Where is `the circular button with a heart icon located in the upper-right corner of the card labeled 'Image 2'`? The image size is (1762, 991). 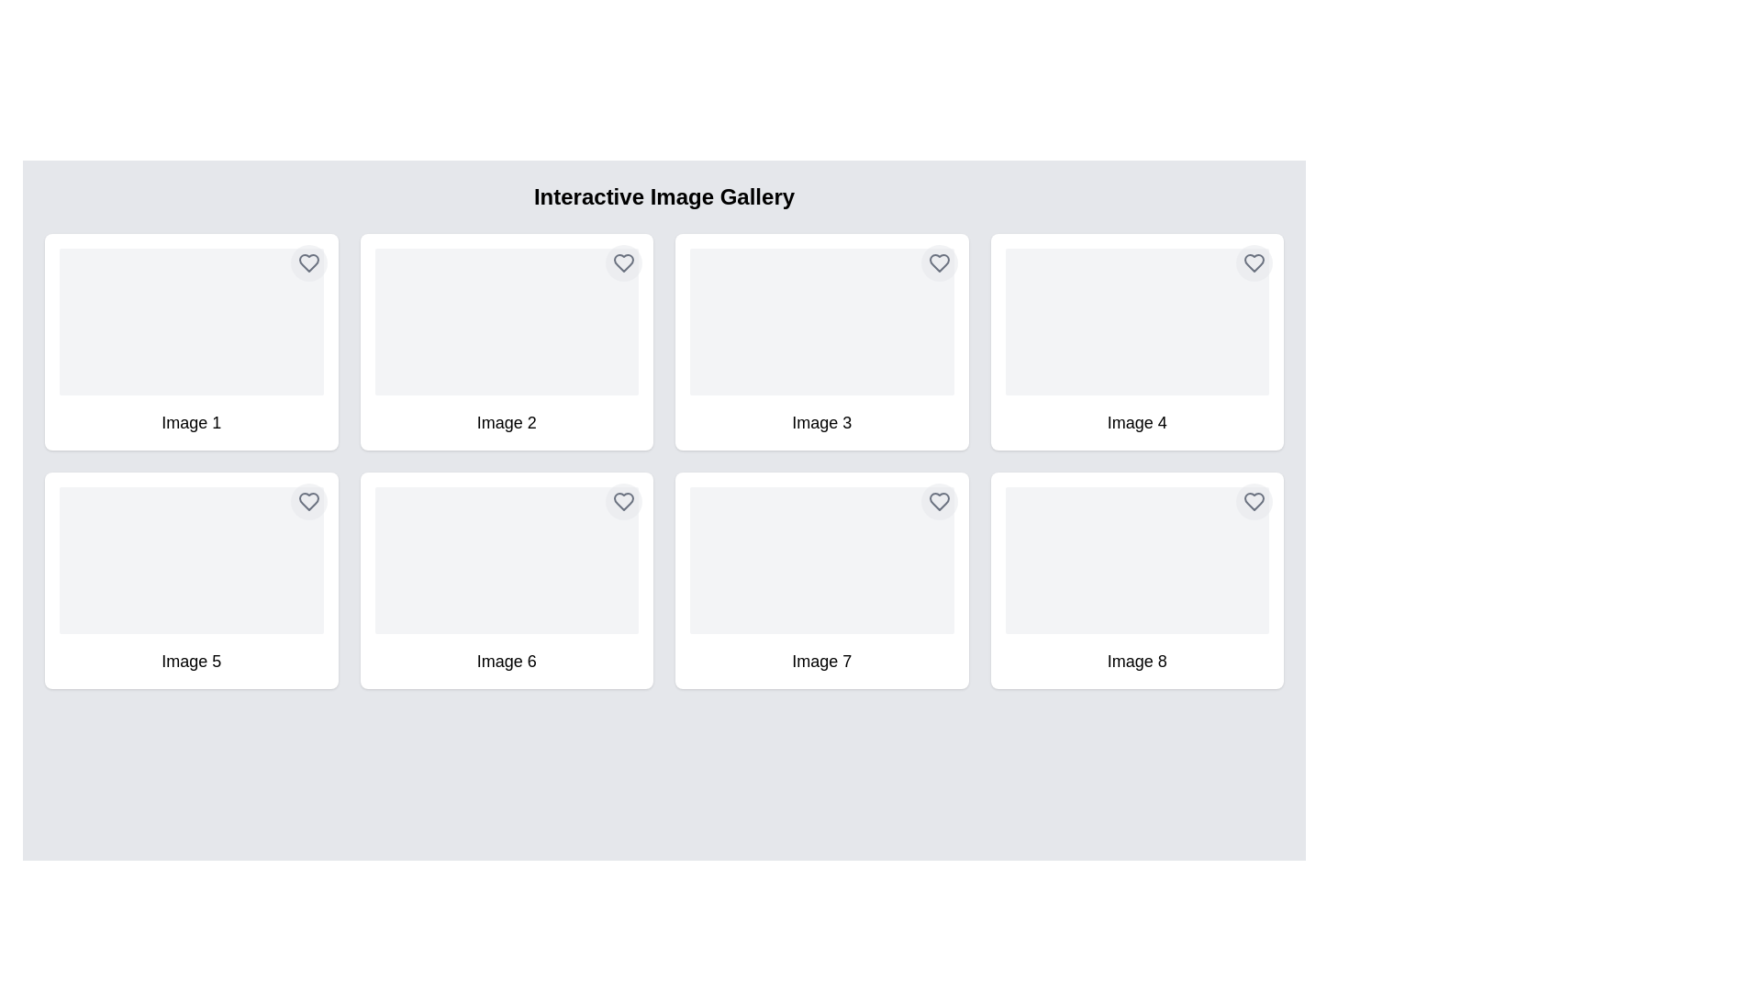 the circular button with a heart icon located in the upper-right corner of the card labeled 'Image 2' is located at coordinates (624, 262).